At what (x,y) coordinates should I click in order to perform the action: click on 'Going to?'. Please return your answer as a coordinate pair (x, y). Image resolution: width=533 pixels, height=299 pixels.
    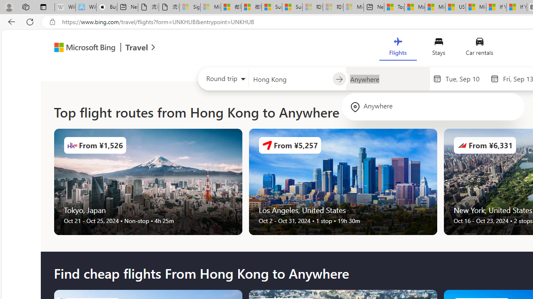
    Looking at the image, I should click on (387, 79).